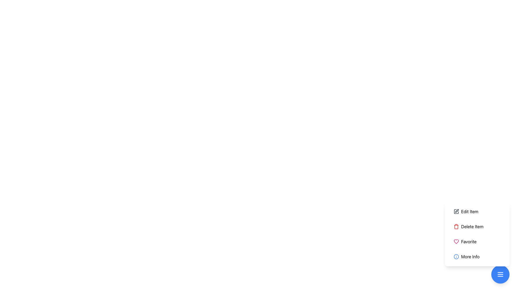  What do you see at coordinates (477, 241) in the screenshot?
I see `the 'Favorite' button, which is the third button in a vertical list of options` at bounding box center [477, 241].